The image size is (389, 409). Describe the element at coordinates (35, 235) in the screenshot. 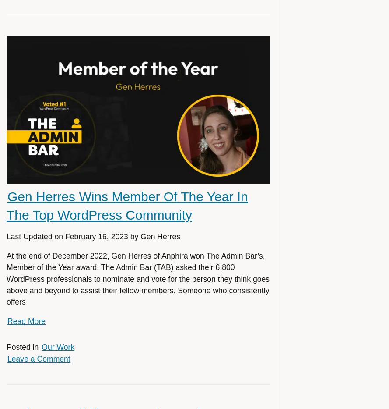

I see `'Last Updated on'` at that location.